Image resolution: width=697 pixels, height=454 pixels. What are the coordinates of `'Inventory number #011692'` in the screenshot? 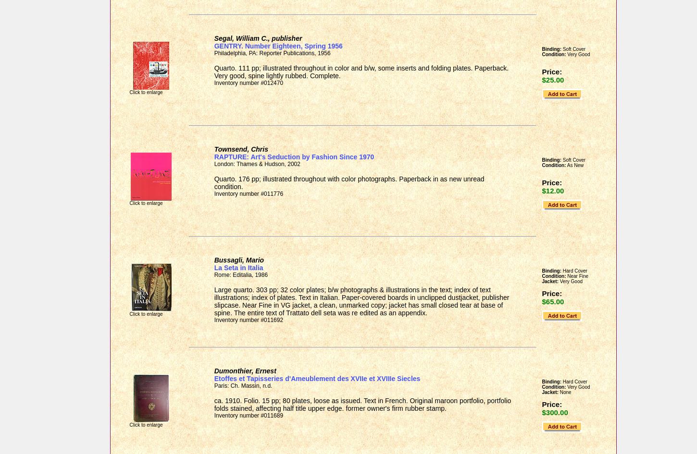 It's located at (249, 320).